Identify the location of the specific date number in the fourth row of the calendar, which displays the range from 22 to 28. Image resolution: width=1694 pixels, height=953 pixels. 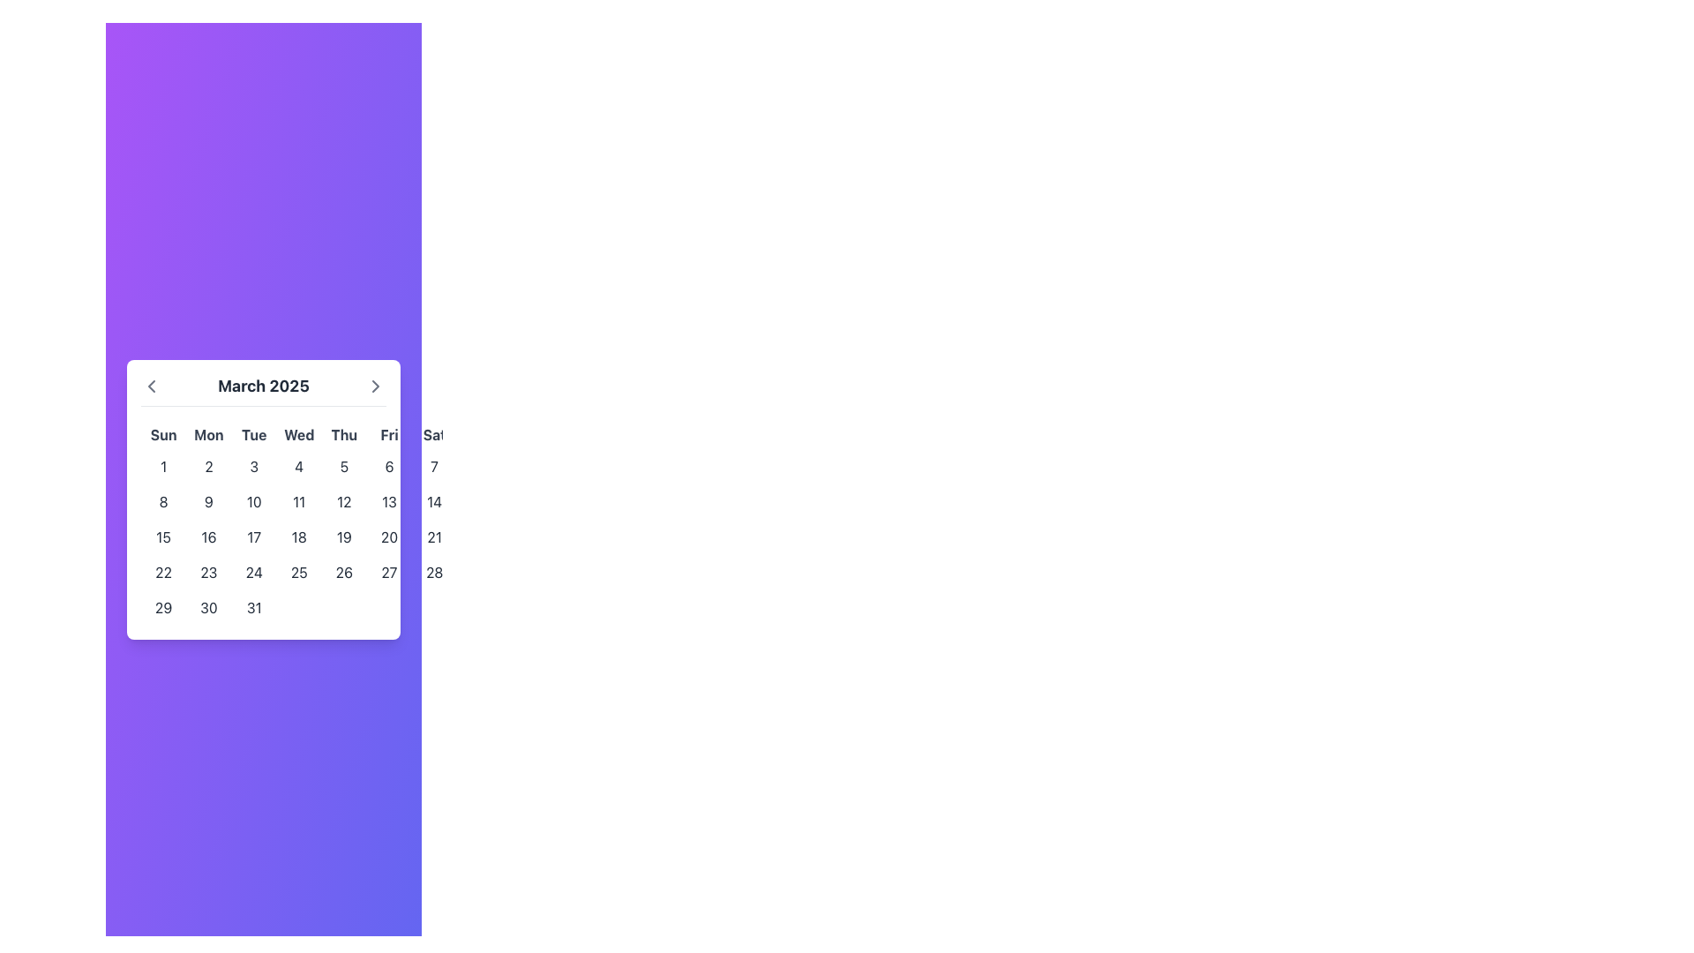
(299, 572).